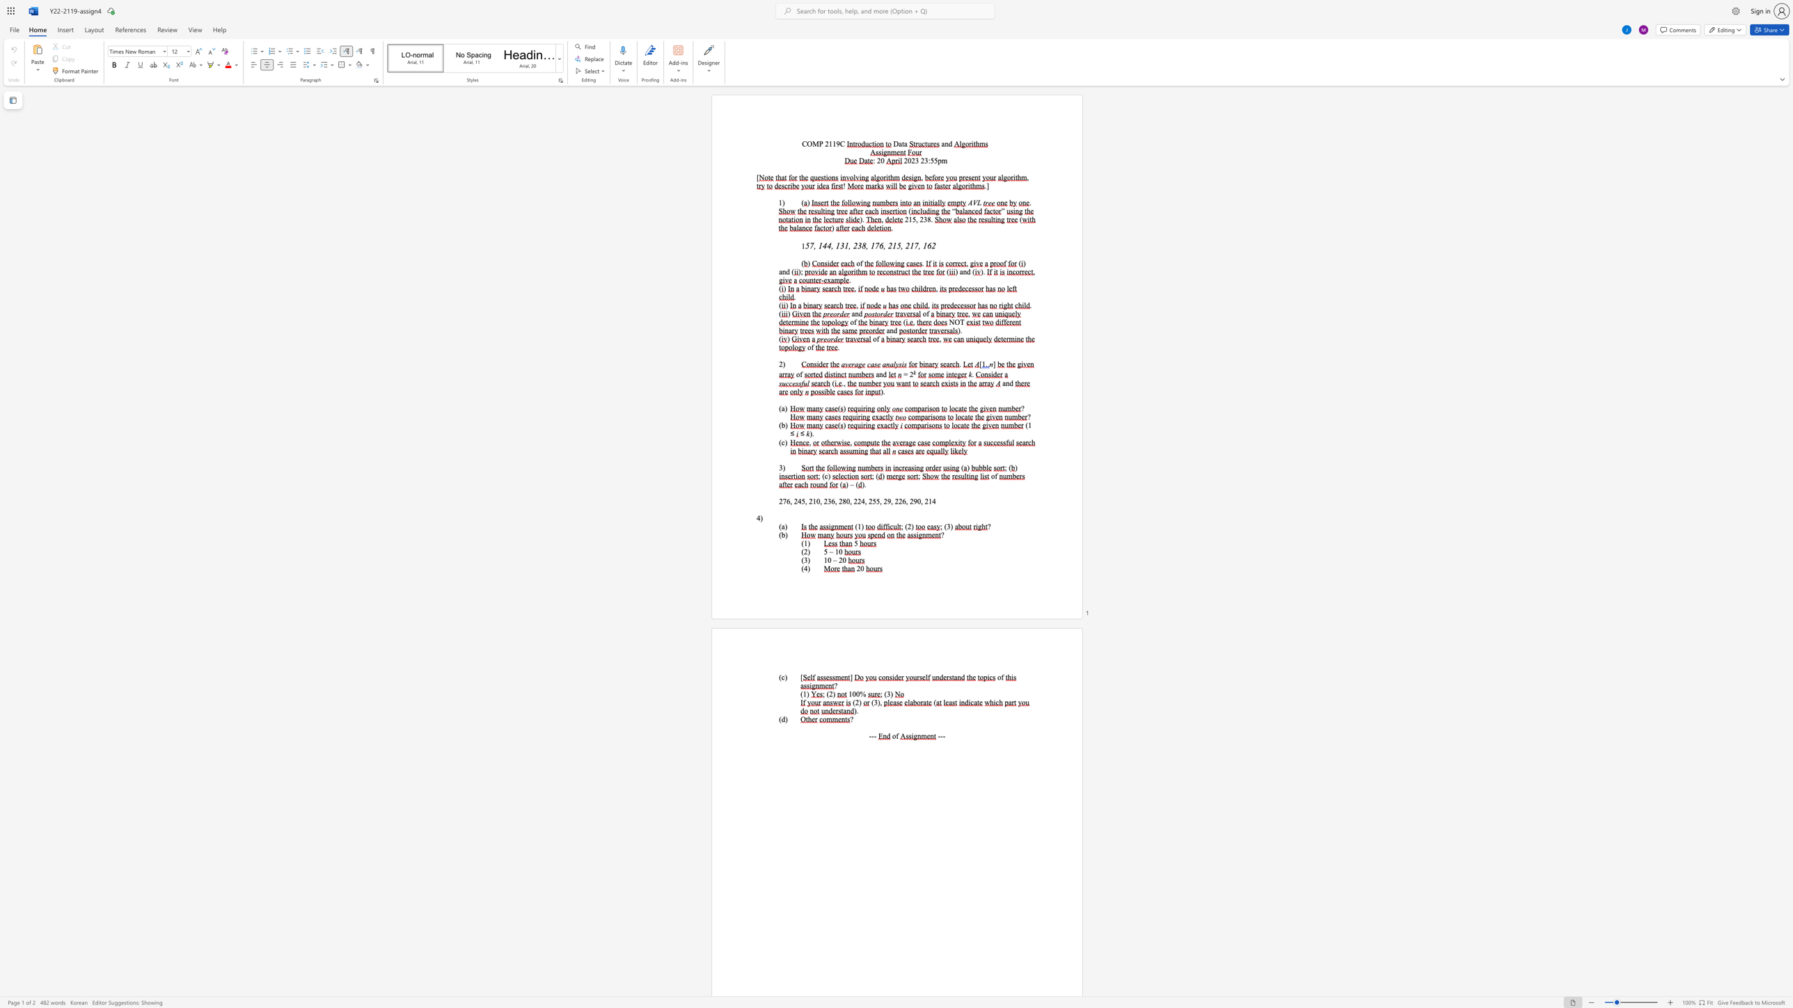  I want to click on the subset text "P 2" within the text "COMP 2119C", so click(819, 143).